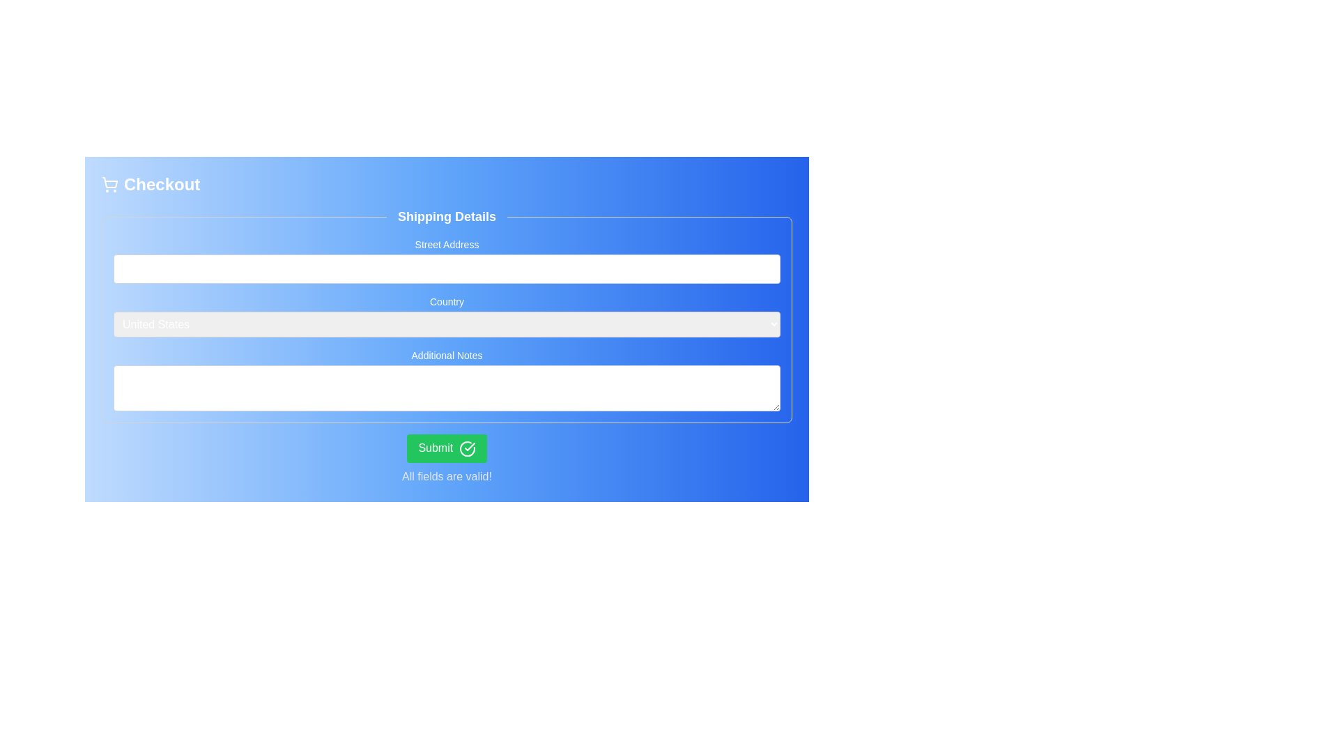 The width and height of the screenshot is (1338, 753). Describe the element at coordinates (447, 244) in the screenshot. I see `the Text Label that indicates the input field for entering the street address, located above the corresponding input field in the Shipping Details form` at that location.